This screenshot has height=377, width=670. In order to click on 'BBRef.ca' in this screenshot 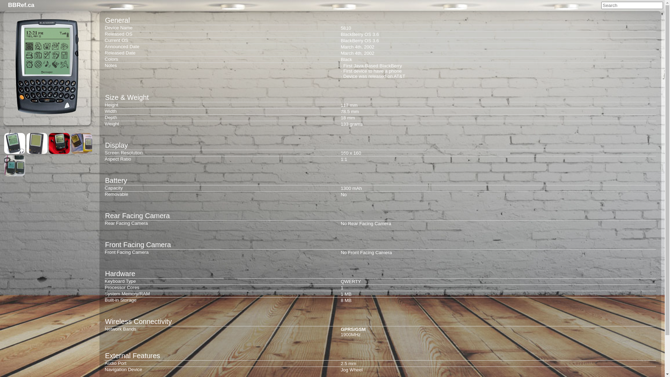, I will do `click(21, 5)`.